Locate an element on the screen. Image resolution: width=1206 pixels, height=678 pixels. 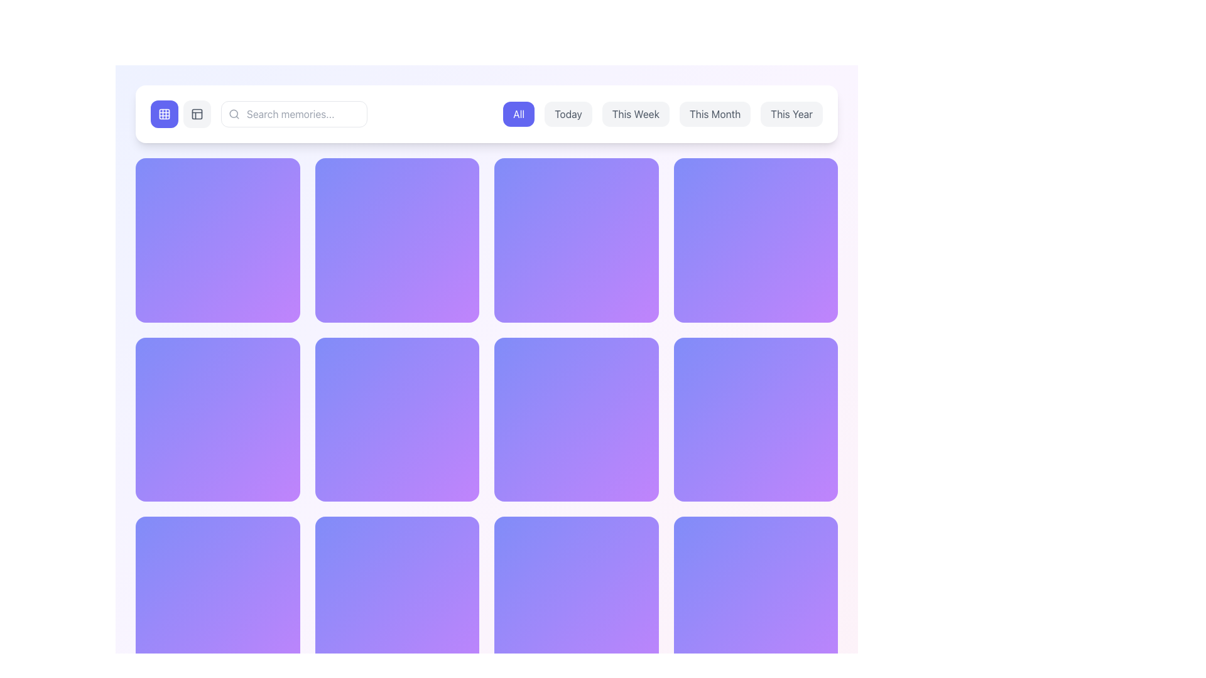
the 'This Month' filter button located in the row of buttons at the top center of the interface to apply the filter for the current month is located at coordinates (715, 114).